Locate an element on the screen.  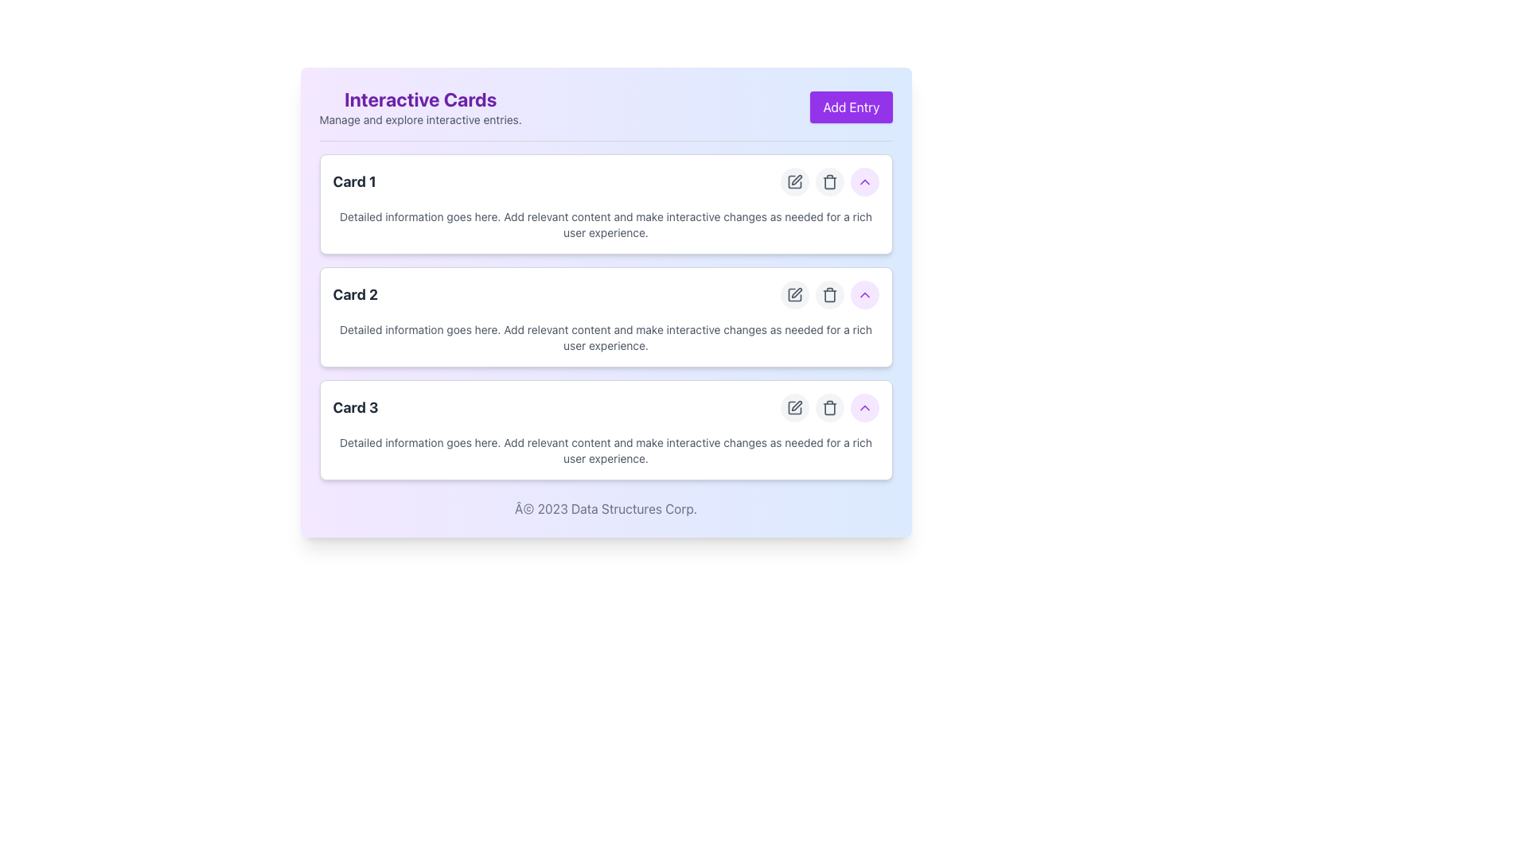
the trash icon located within the circular button at the far right of the third card in the vertically stacked card list is located at coordinates (828, 407).